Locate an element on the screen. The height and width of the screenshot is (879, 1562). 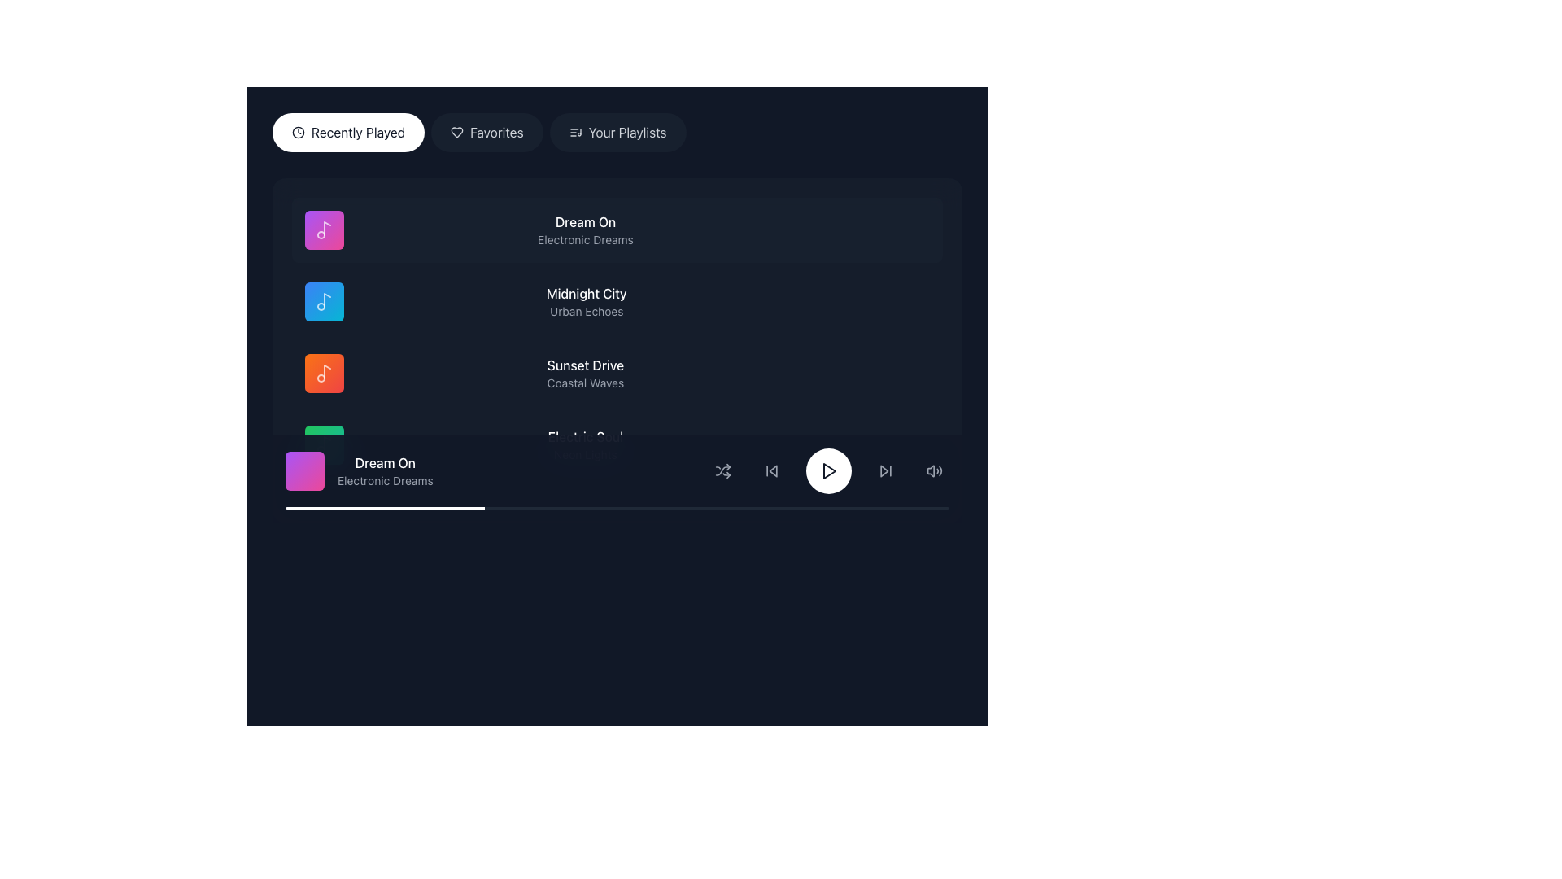
progress is located at coordinates (551, 507).